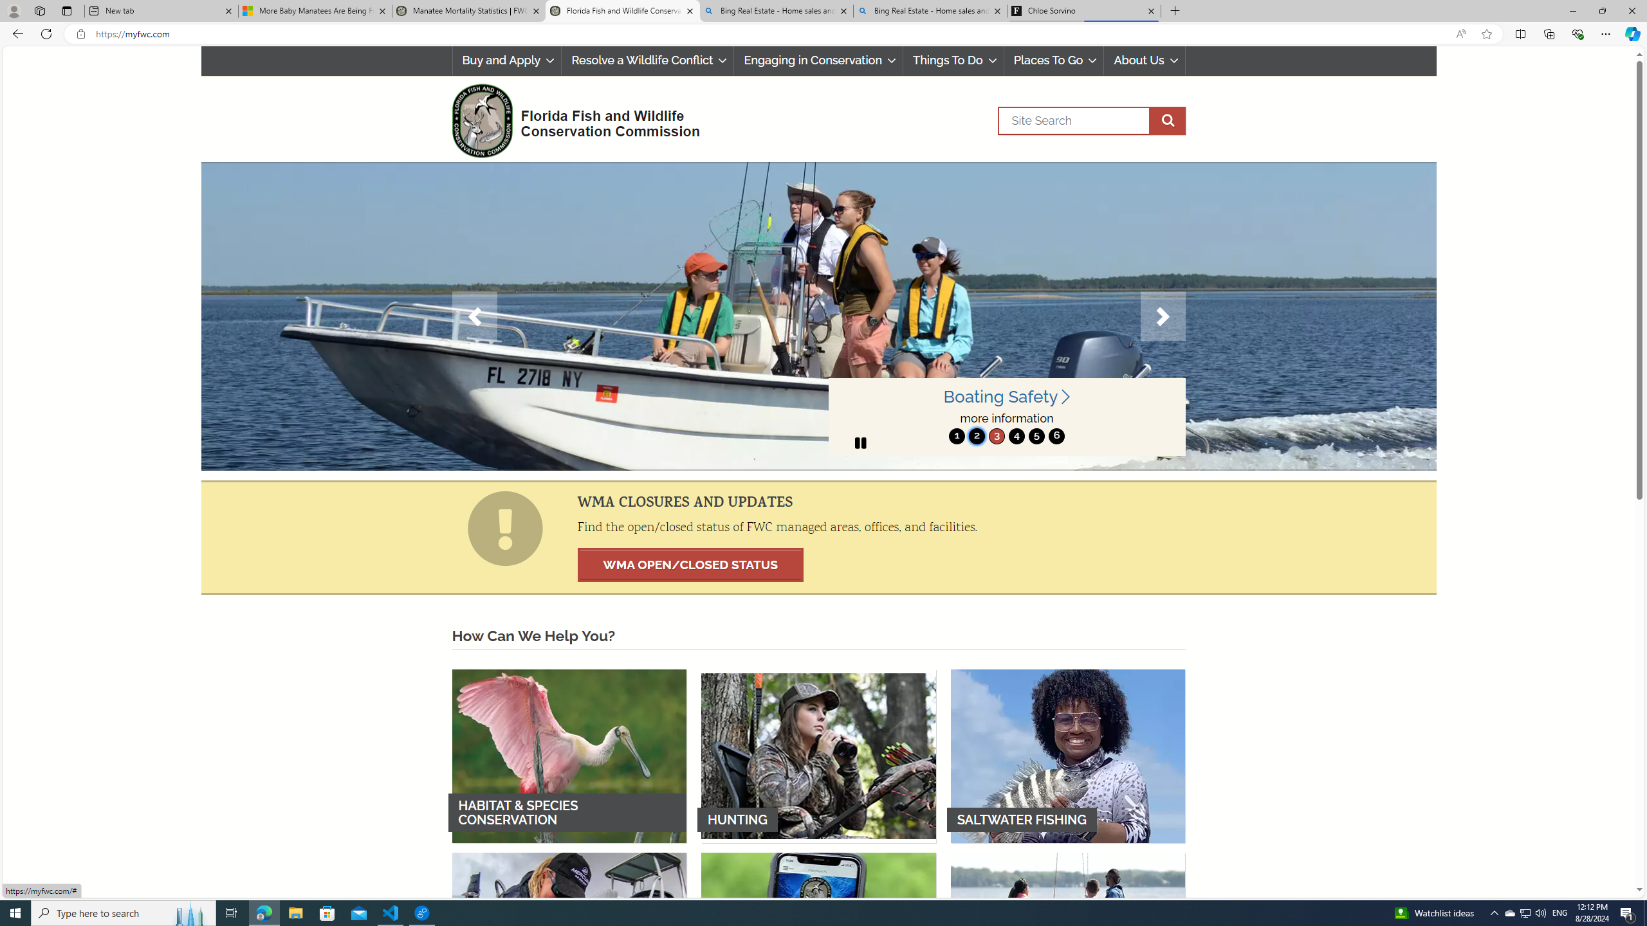 The width and height of the screenshot is (1647, 926). Describe the element at coordinates (930, 10) in the screenshot. I see `'Bing Real Estate - Home sales and rental listings'` at that location.